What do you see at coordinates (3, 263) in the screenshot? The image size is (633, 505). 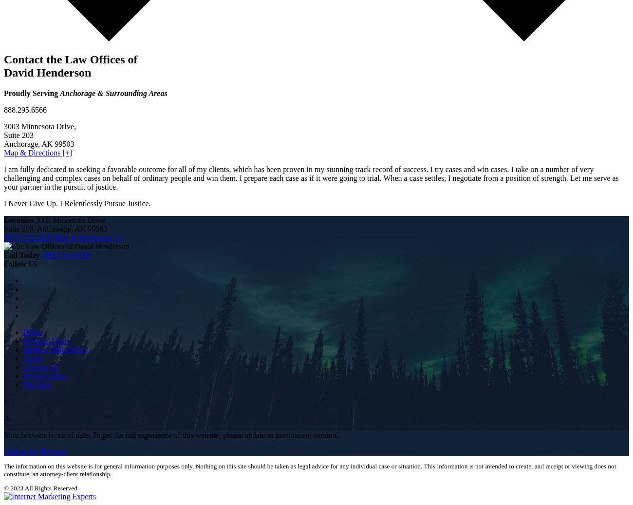 I see `'Follow Us'` at bounding box center [3, 263].